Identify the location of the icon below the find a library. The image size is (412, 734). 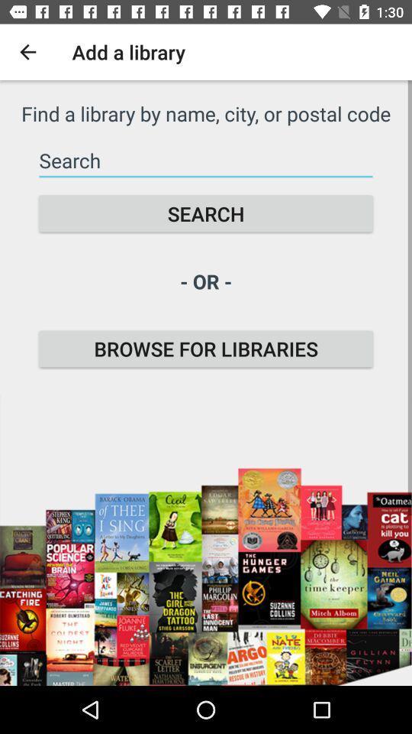
(206, 161).